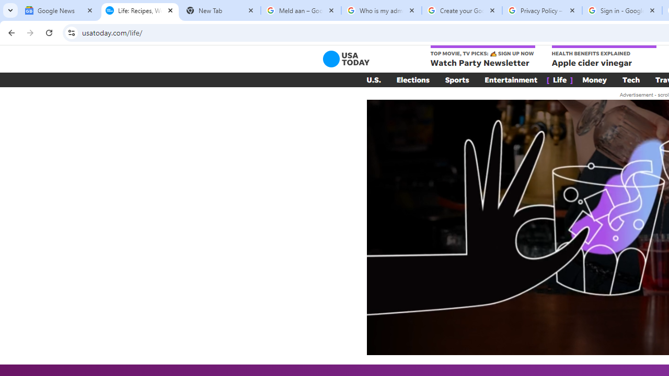 The image size is (669, 376). Describe the element at coordinates (373, 79) in the screenshot. I see `'U.S.'` at that location.